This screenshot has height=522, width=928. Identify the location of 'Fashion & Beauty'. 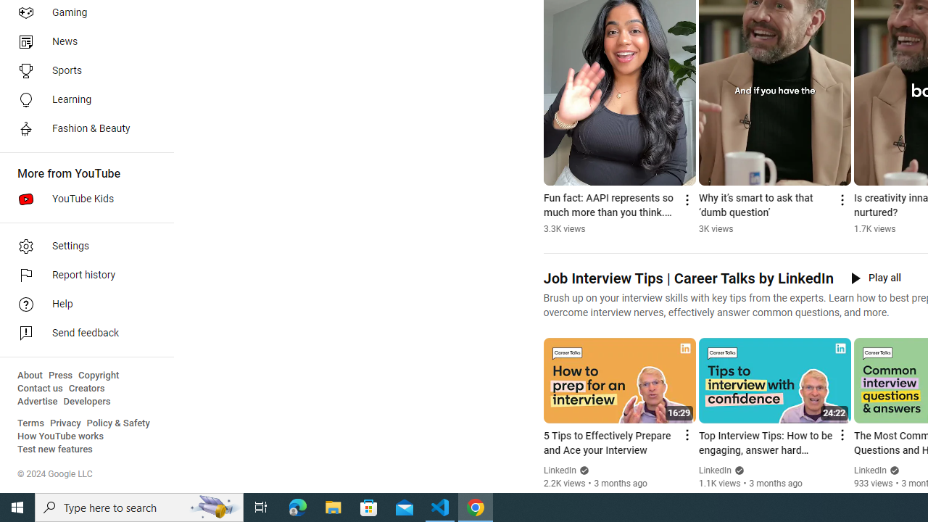
(81, 128).